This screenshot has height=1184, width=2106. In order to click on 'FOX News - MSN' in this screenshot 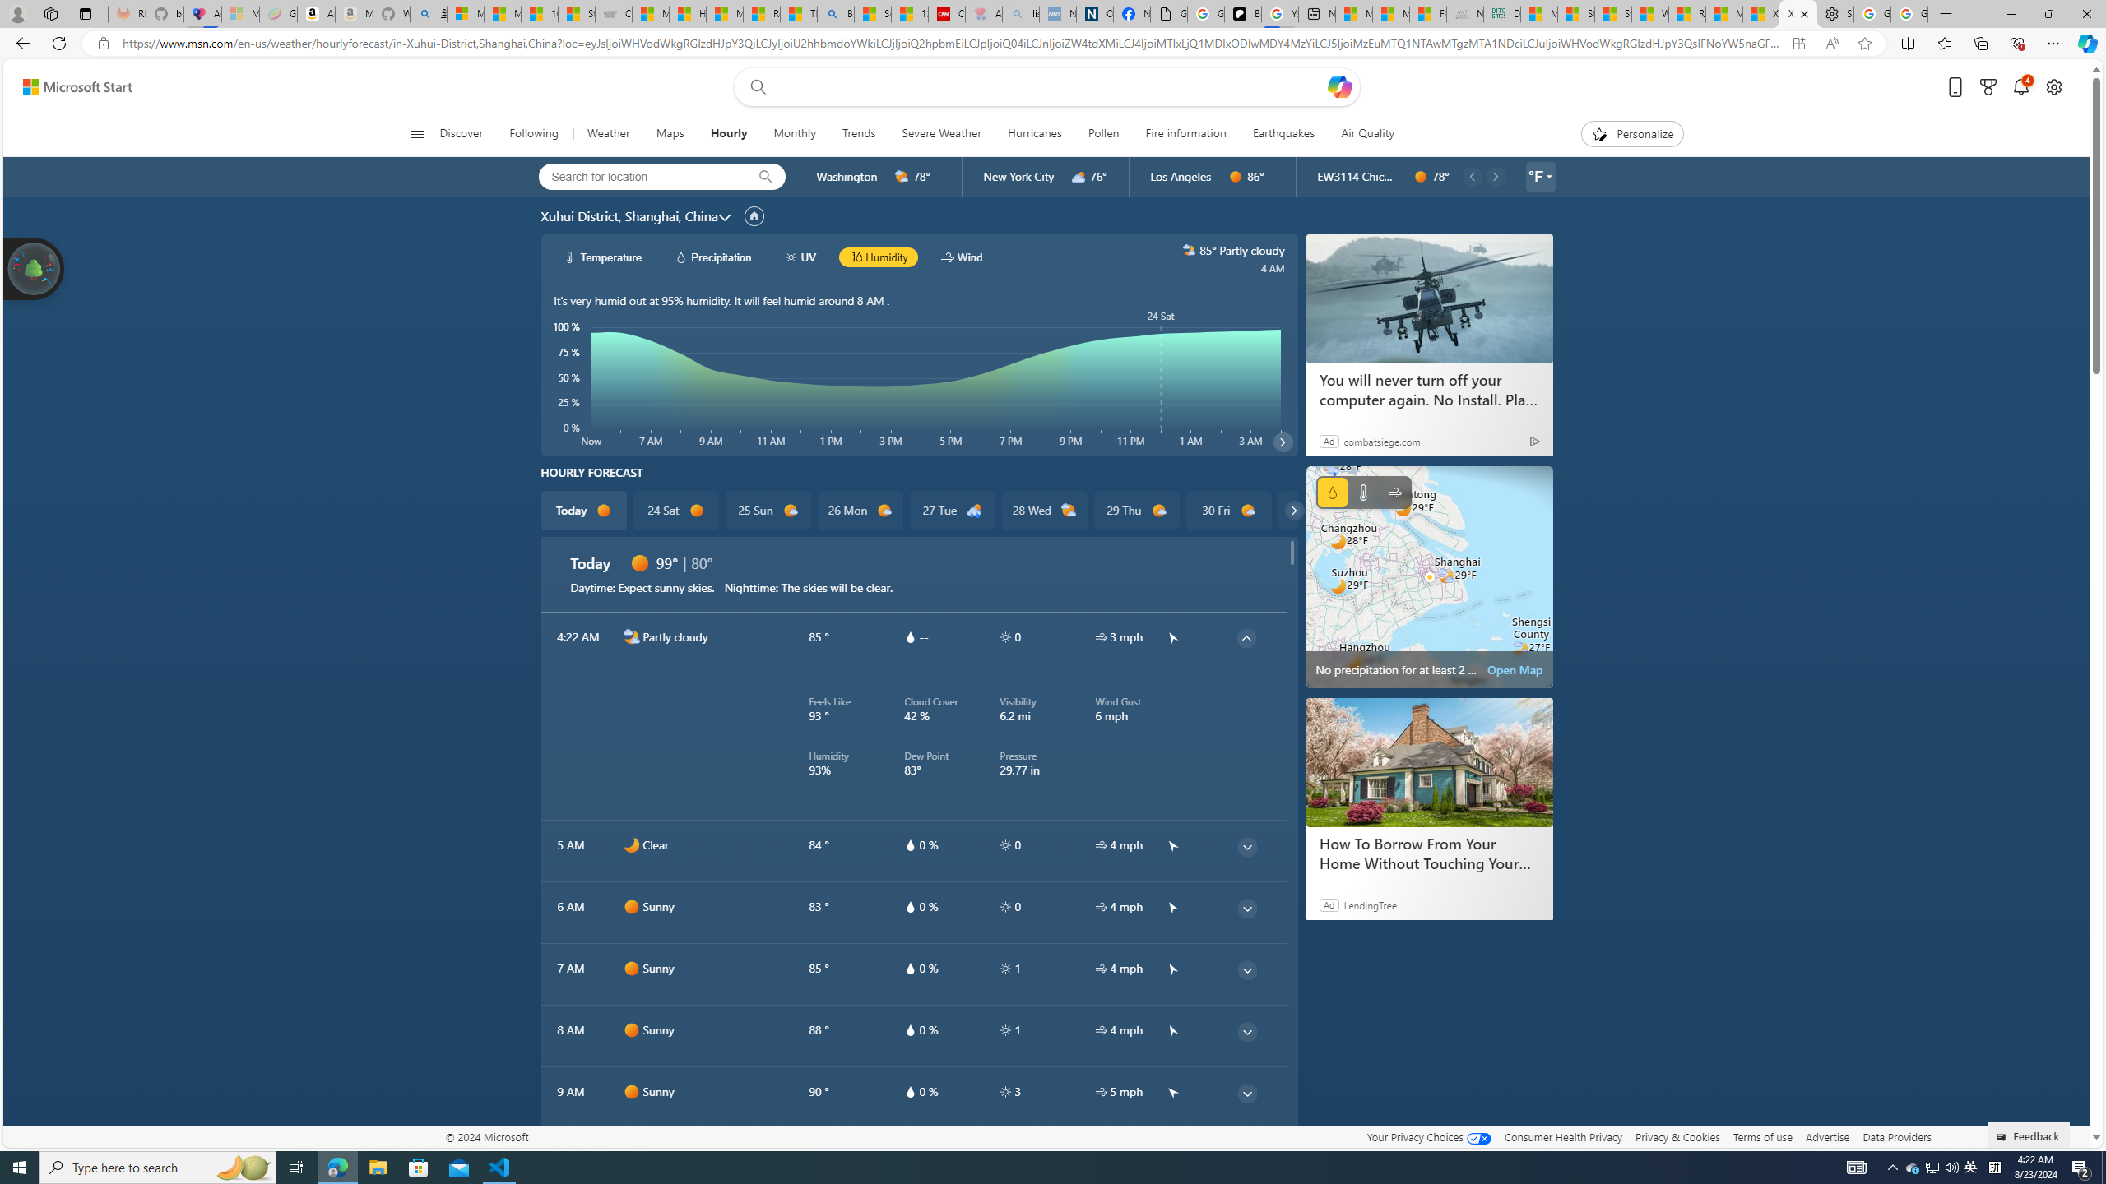, I will do `click(1426, 13)`.